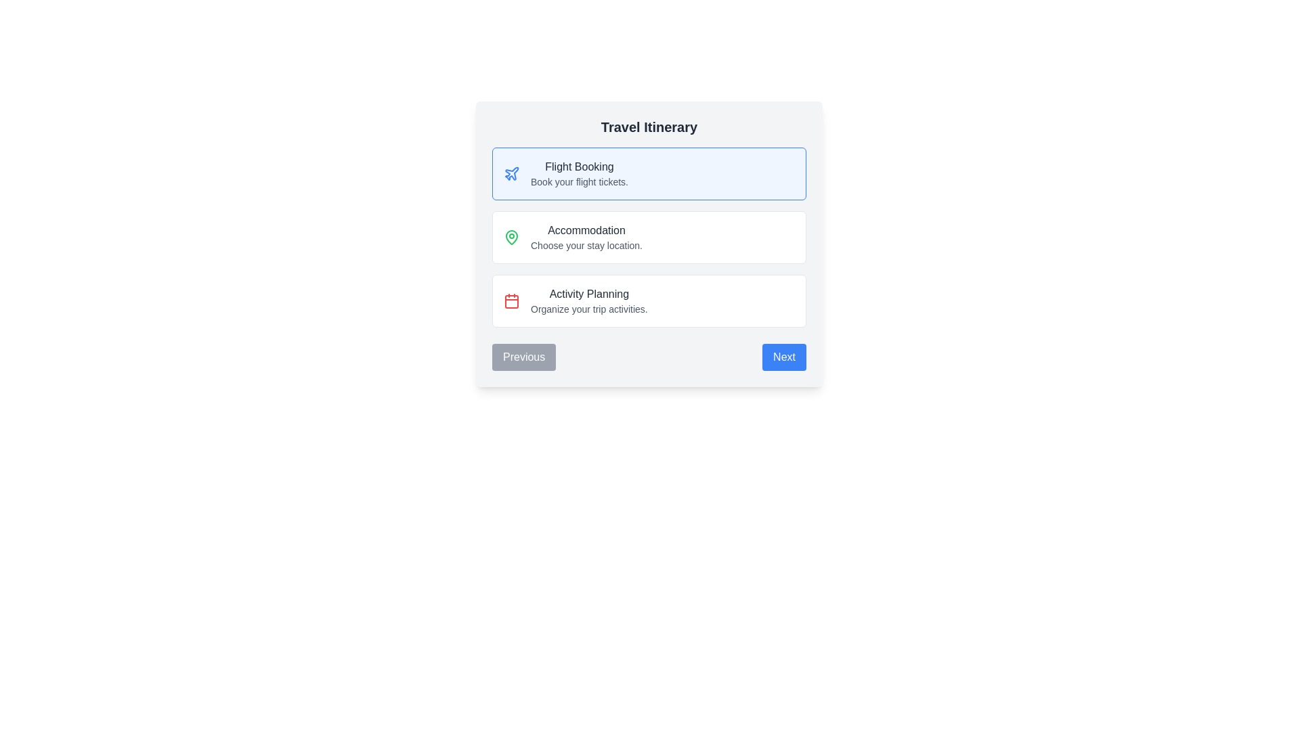 This screenshot has height=731, width=1300. What do you see at coordinates (511, 300) in the screenshot?
I see `the calendar icon with a red border and white interior located on the left side of the 'Activity Planning' content box` at bounding box center [511, 300].